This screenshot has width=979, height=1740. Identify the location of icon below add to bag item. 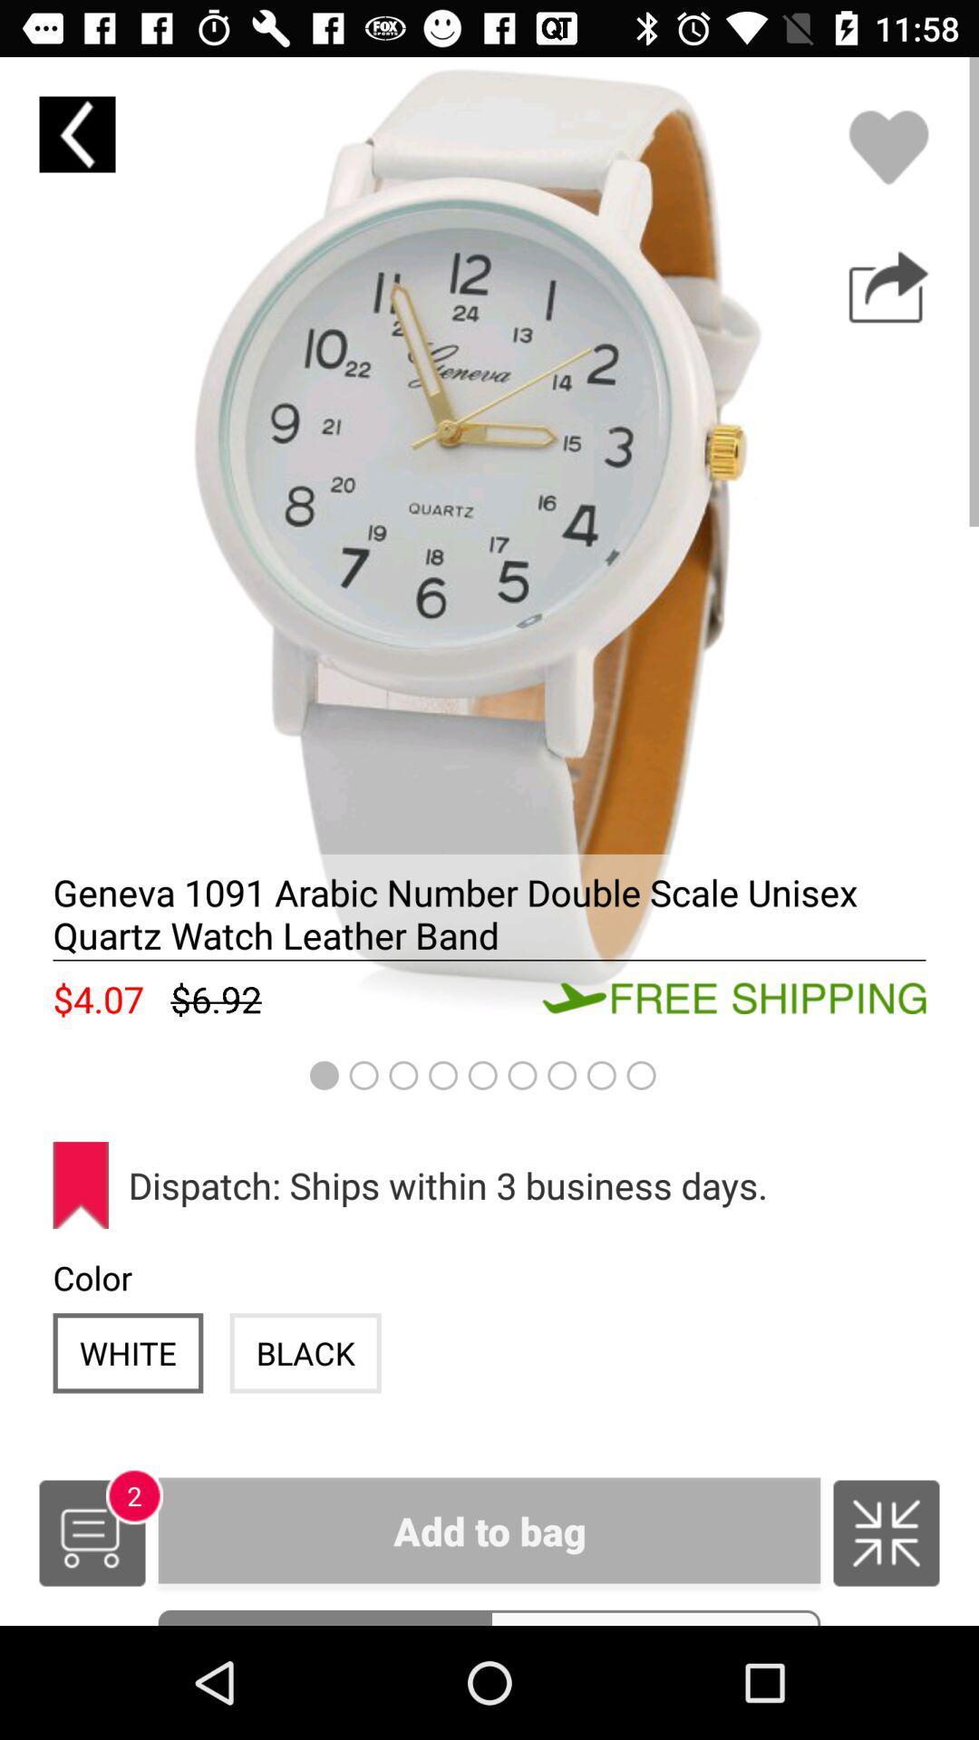
(654, 1618).